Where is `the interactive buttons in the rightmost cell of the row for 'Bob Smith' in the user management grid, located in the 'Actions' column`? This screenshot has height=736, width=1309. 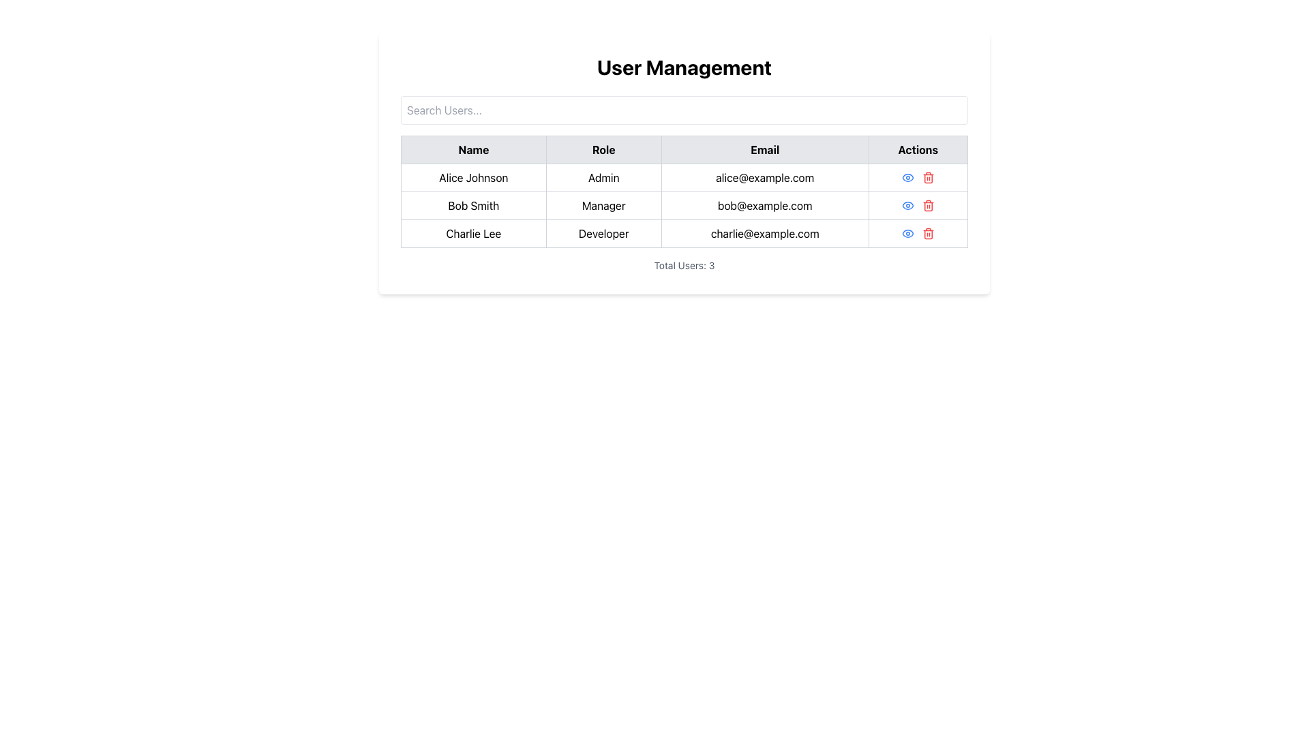 the interactive buttons in the rightmost cell of the row for 'Bob Smith' in the user management grid, located in the 'Actions' column is located at coordinates (918, 205).